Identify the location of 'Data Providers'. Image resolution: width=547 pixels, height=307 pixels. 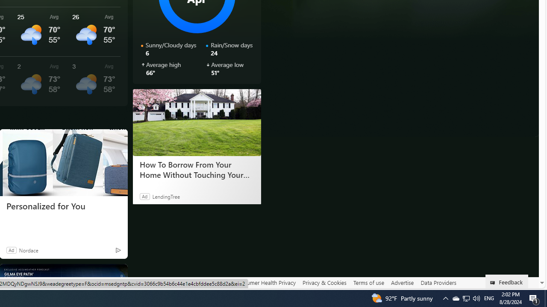
(438, 283).